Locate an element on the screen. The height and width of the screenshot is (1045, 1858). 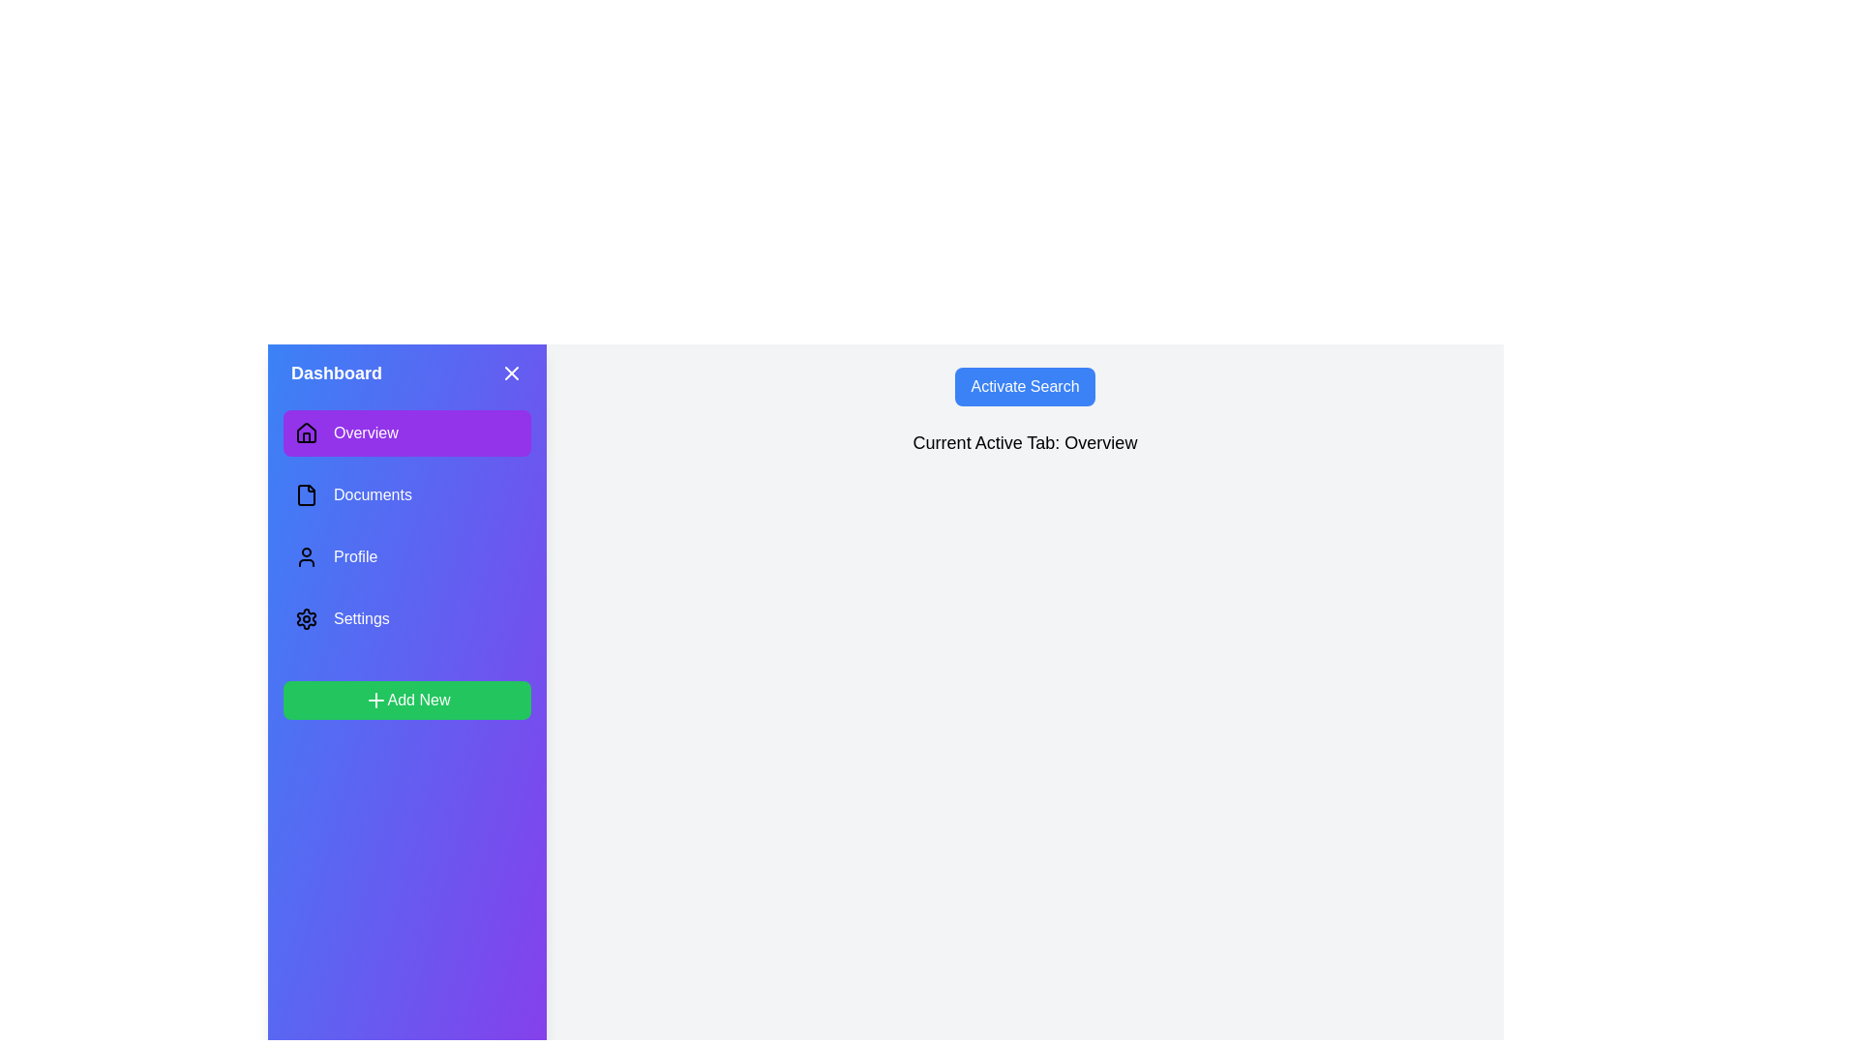
the green rectangular button labeled '+ Add New' located at the bottom of the dashboard sidebar to trigger hover effects is located at coordinates (406, 701).